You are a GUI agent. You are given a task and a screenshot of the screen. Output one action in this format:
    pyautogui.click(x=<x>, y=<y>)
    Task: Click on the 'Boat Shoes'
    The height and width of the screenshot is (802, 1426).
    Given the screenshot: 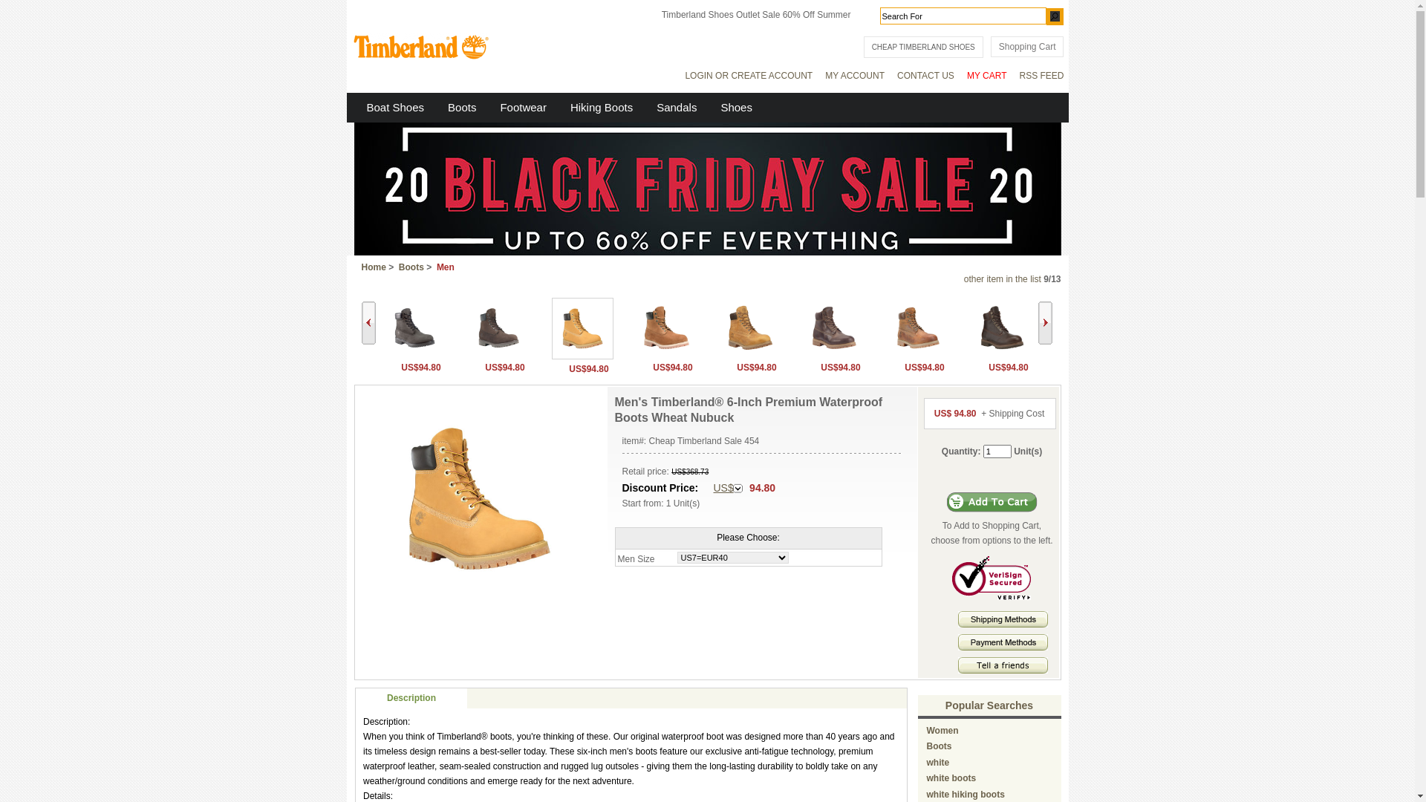 What is the action you would take?
    pyautogui.click(x=395, y=105)
    